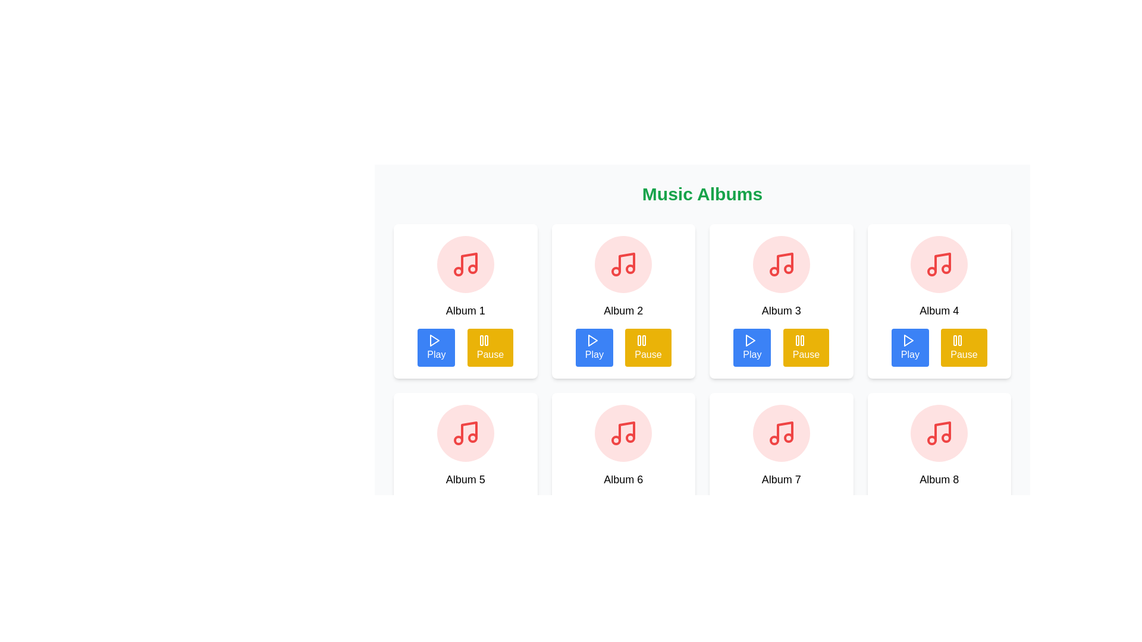  What do you see at coordinates (781, 348) in the screenshot?
I see `the 'Pause' button located below the title and icon of 'Album 3' in the music albums grid` at bounding box center [781, 348].